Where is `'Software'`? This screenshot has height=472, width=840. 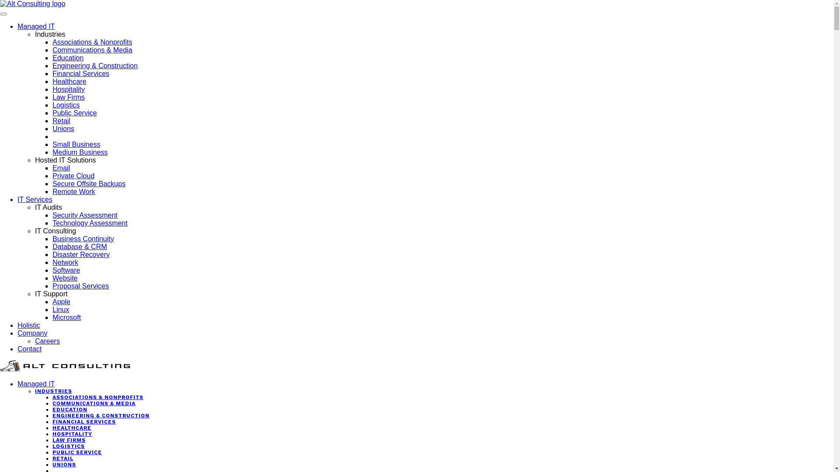 'Software' is located at coordinates (66, 270).